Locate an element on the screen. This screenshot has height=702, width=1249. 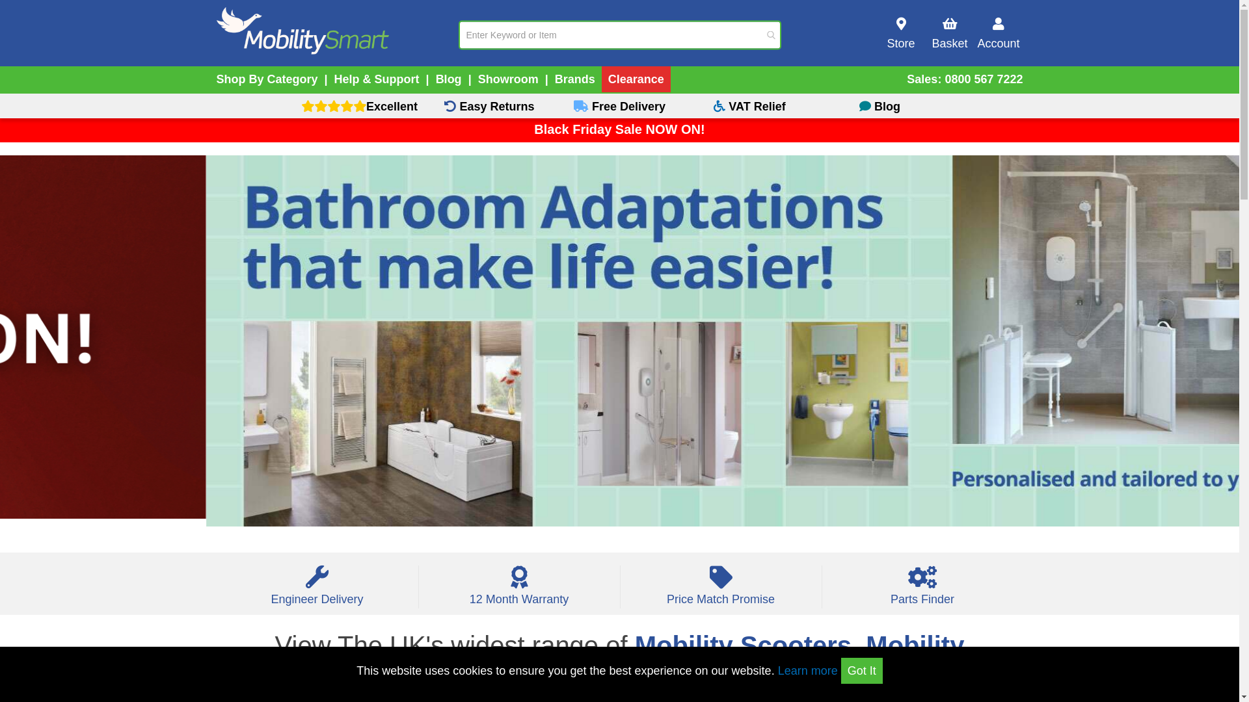
'Clearance' is located at coordinates (636, 79).